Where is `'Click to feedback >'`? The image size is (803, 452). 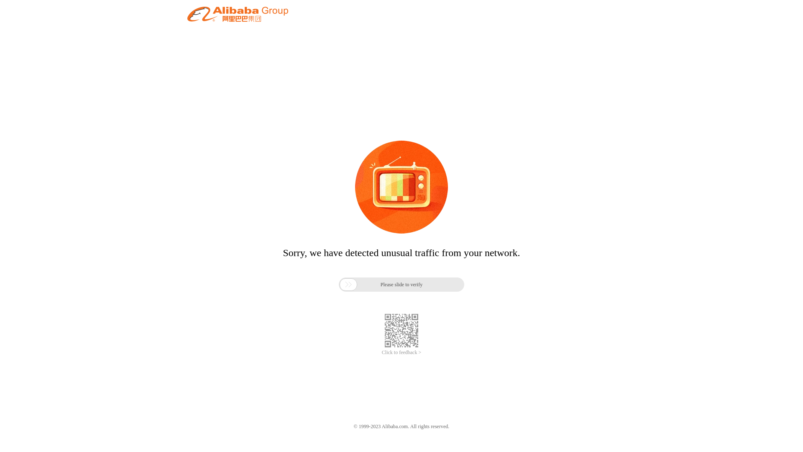
'Click to feedback >' is located at coordinates (381, 352).